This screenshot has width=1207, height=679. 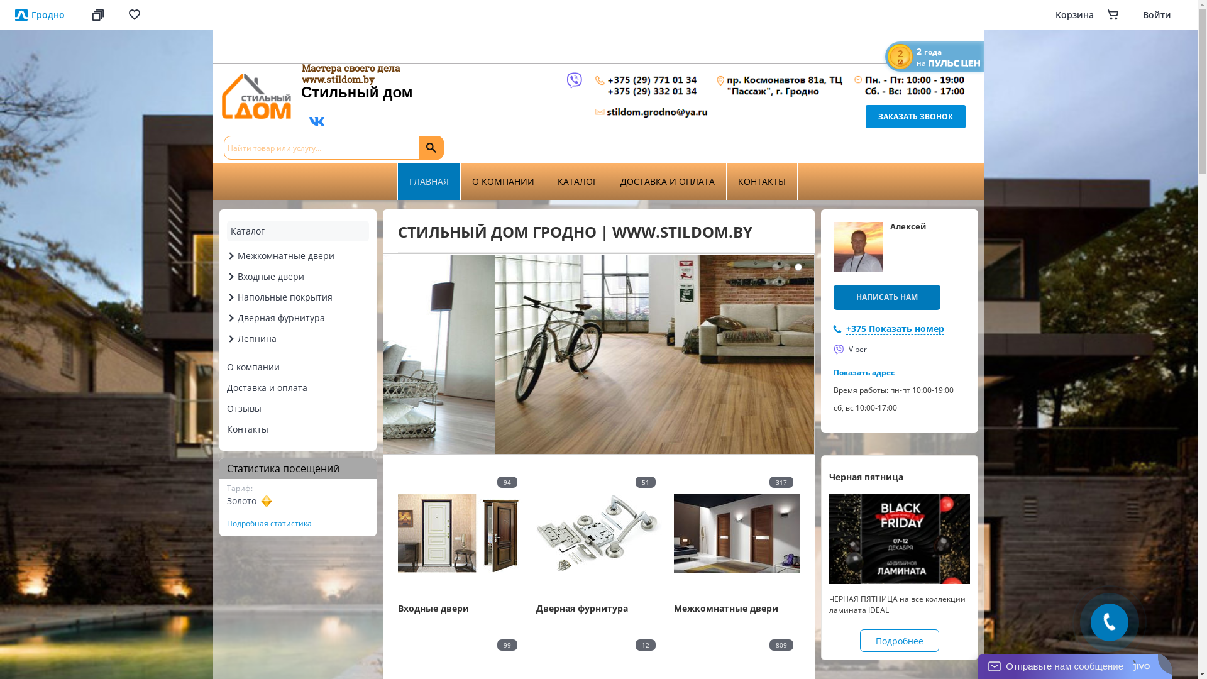 I want to click on 'Viber', so click(x=850, y=349).